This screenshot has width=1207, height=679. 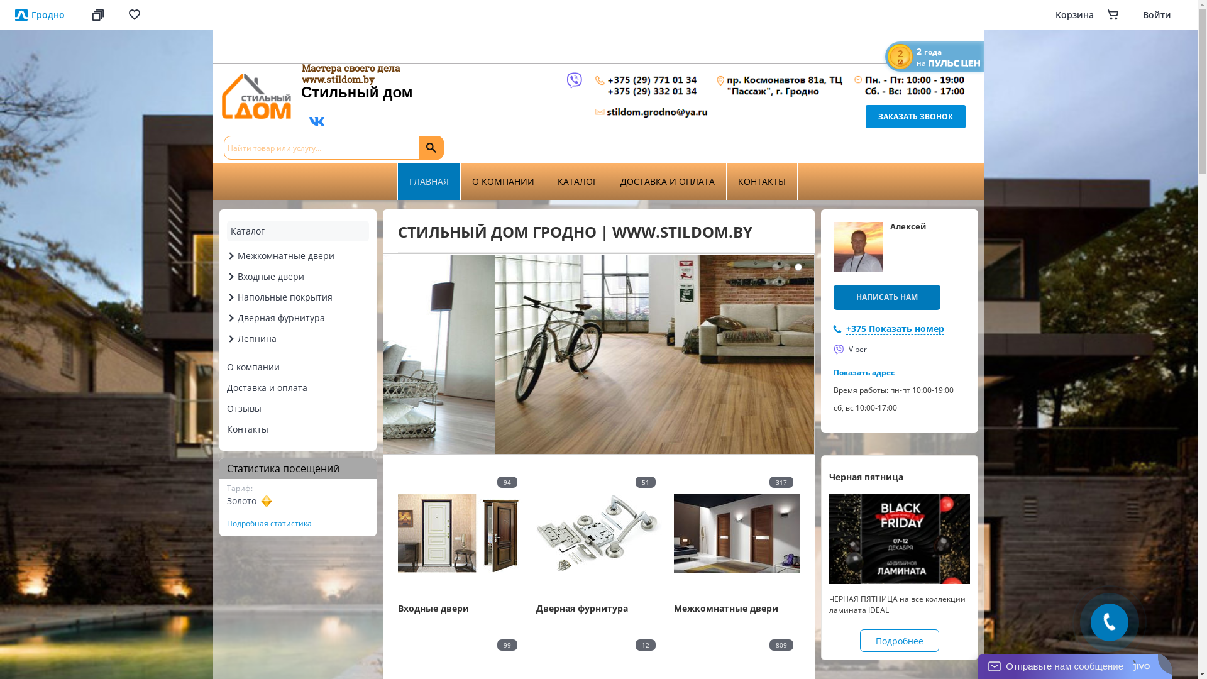 I want to click on 'Viber', so click(x=850, y=349).